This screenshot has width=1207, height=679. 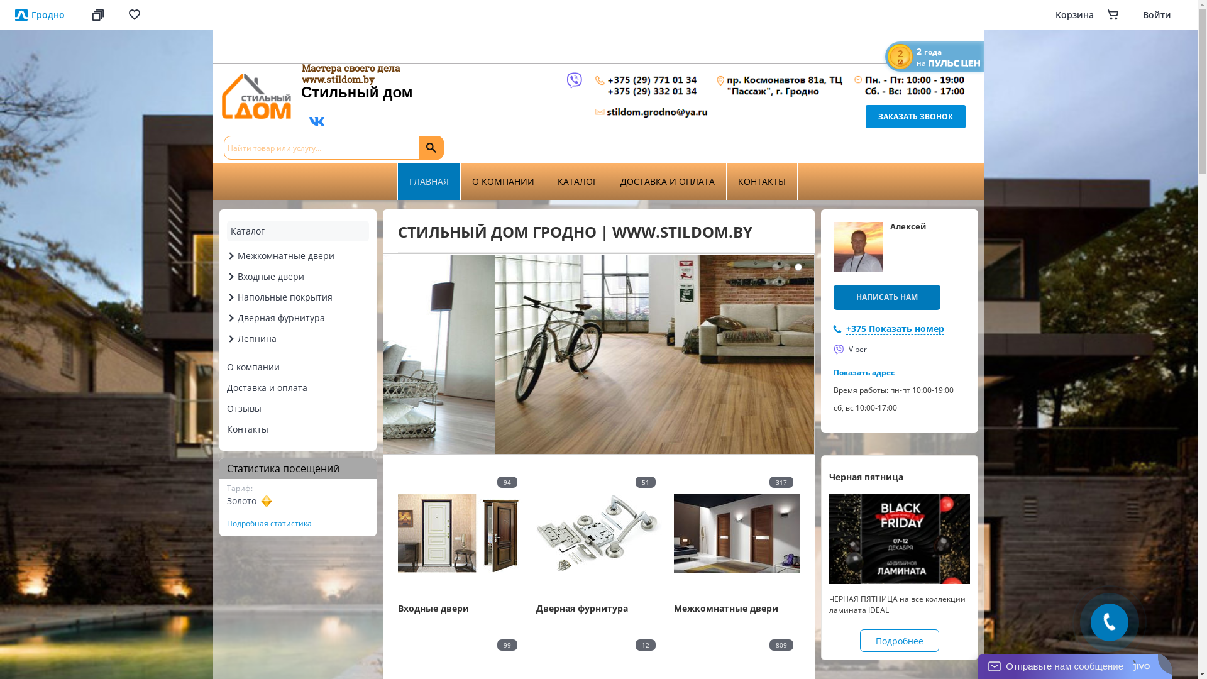 I want to click on 'Viber', so click(x=850, y=349).